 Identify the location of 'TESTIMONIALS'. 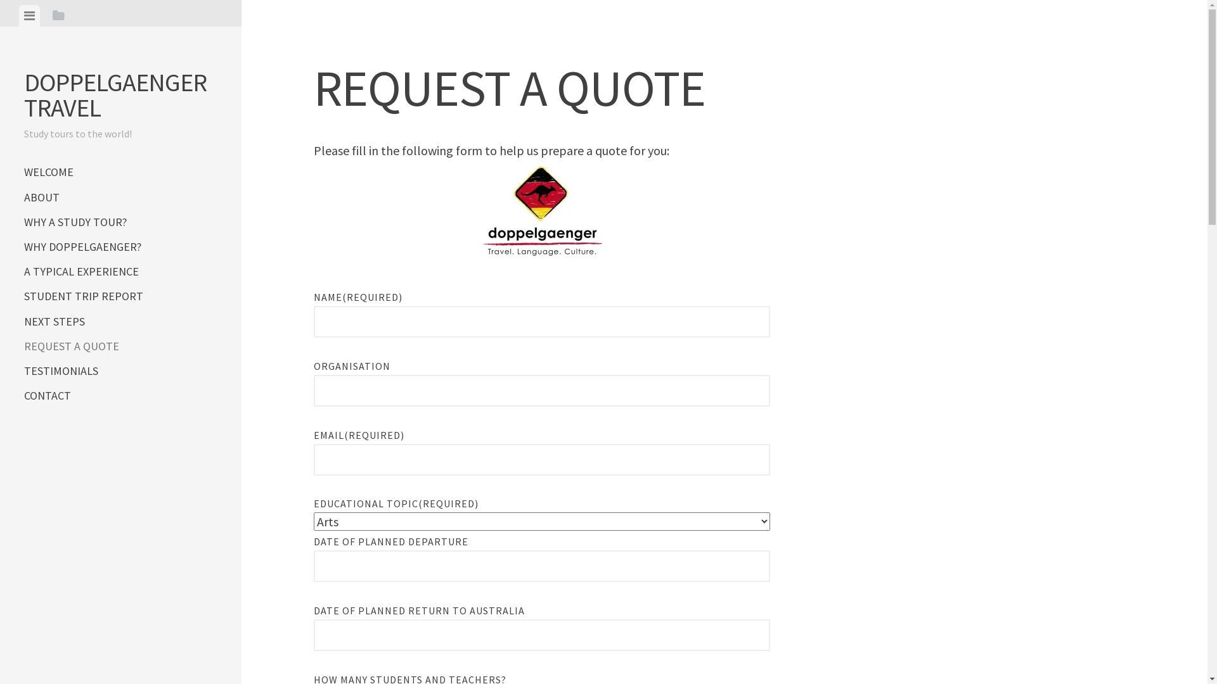
(120, 370).